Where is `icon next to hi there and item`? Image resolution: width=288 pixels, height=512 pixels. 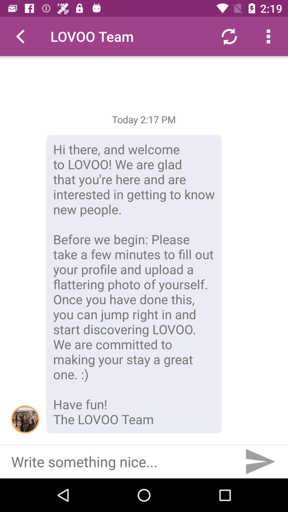 icon next to hi there and item is located at coordinates (25, 419).